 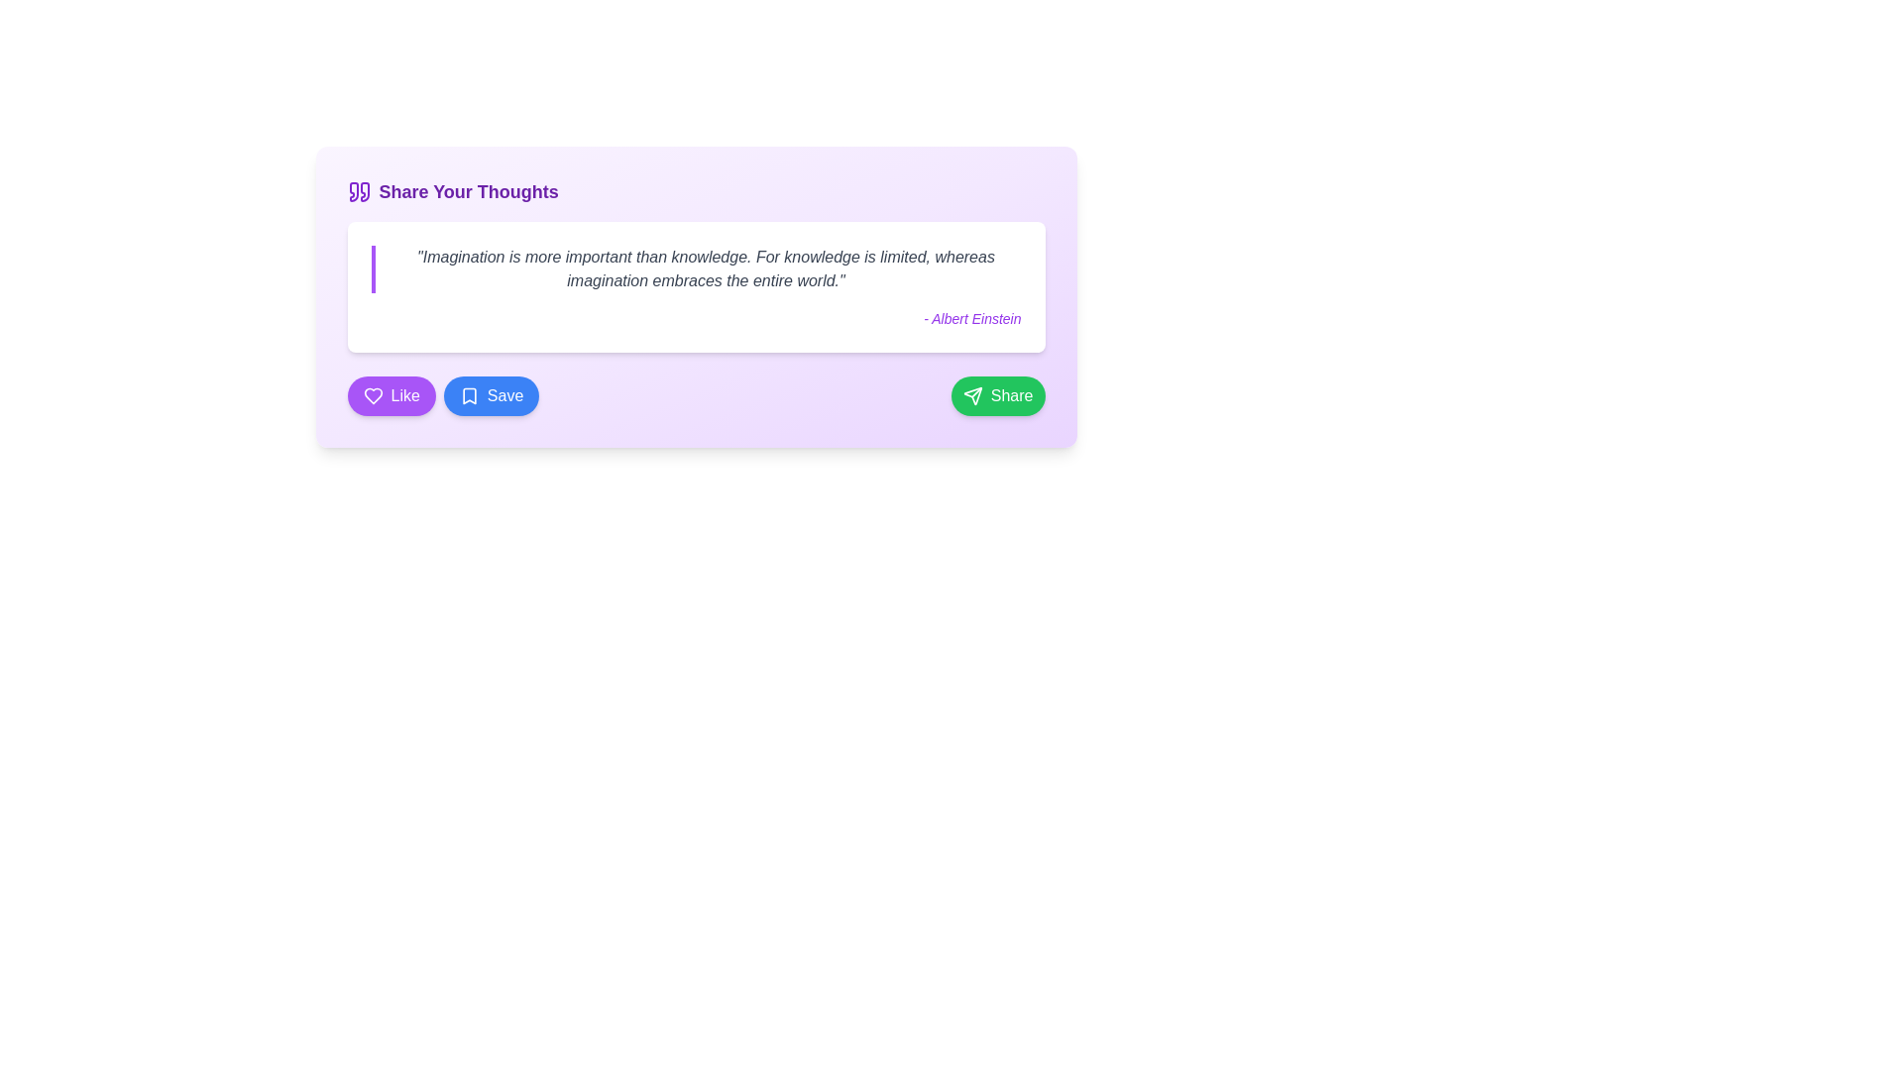 I want to click on the share icon located inside the 'Share' button, to the left of its text label, in the bottom-right section of the card interface, so click(x=972, y=396).